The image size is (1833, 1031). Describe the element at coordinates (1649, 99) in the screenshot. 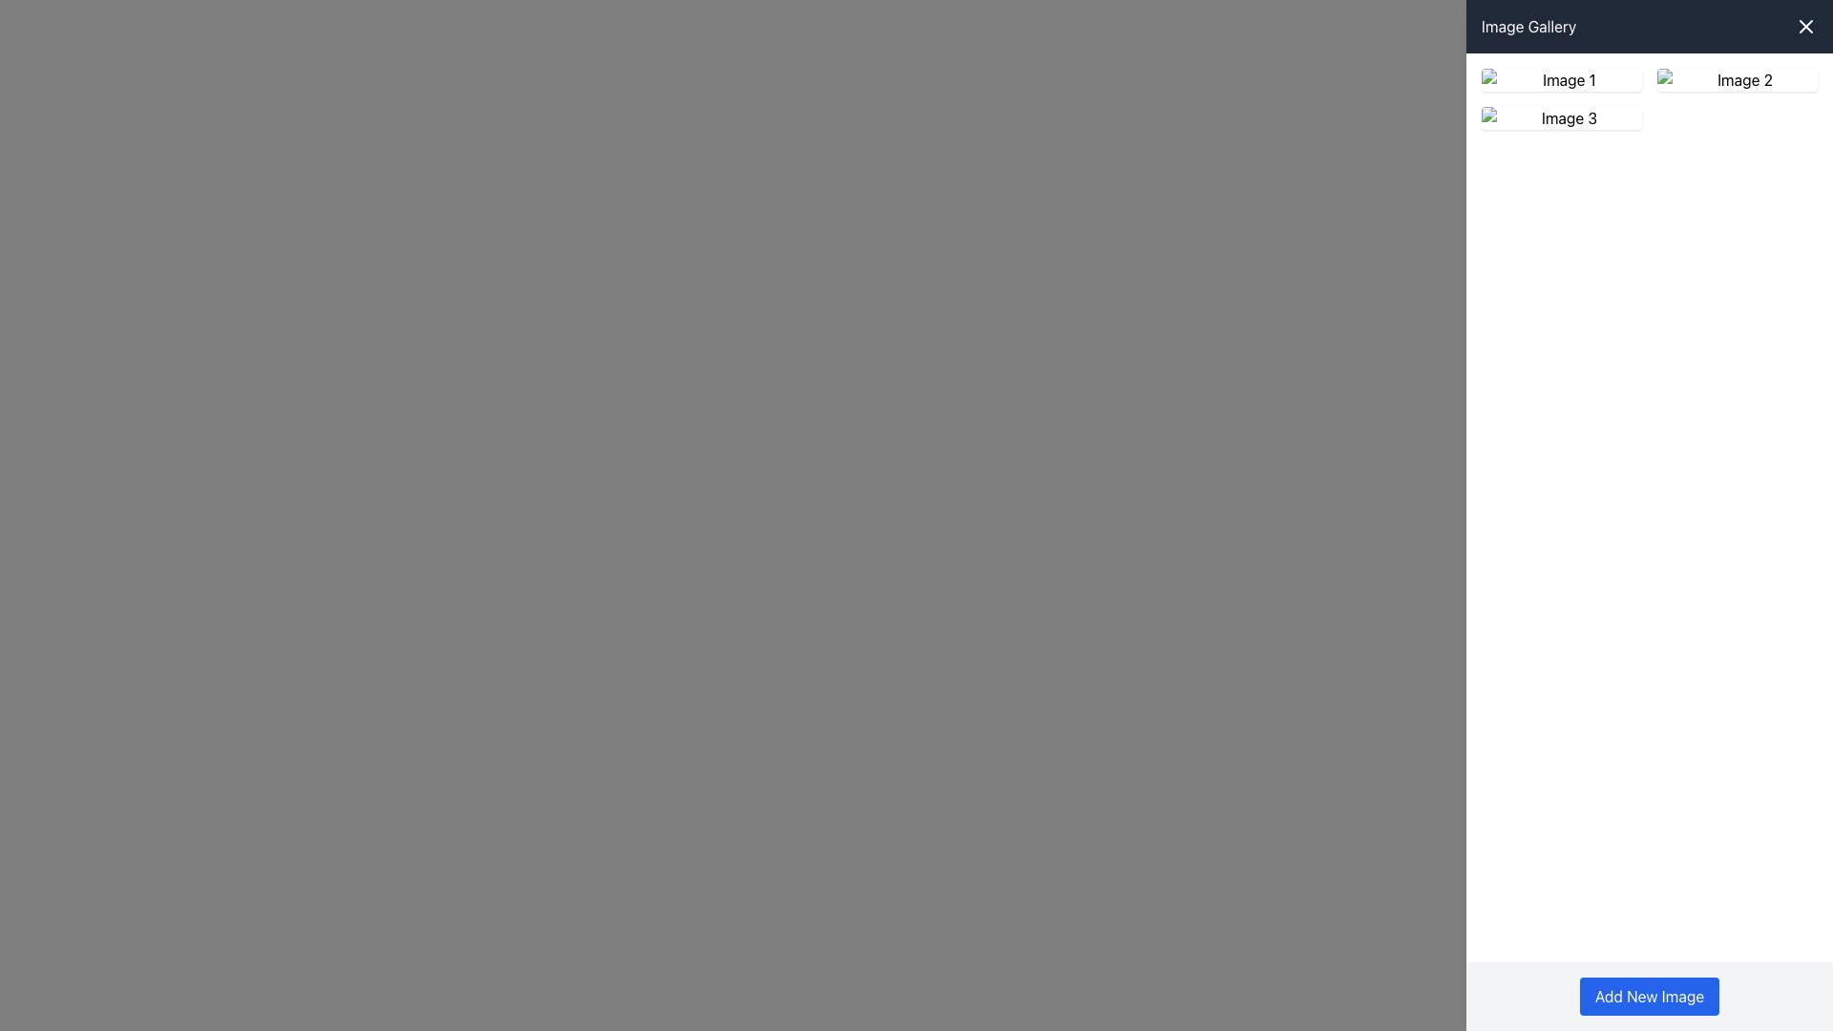

I see `an individual component within the grid layout located in the top-right section of the interface` at that location.